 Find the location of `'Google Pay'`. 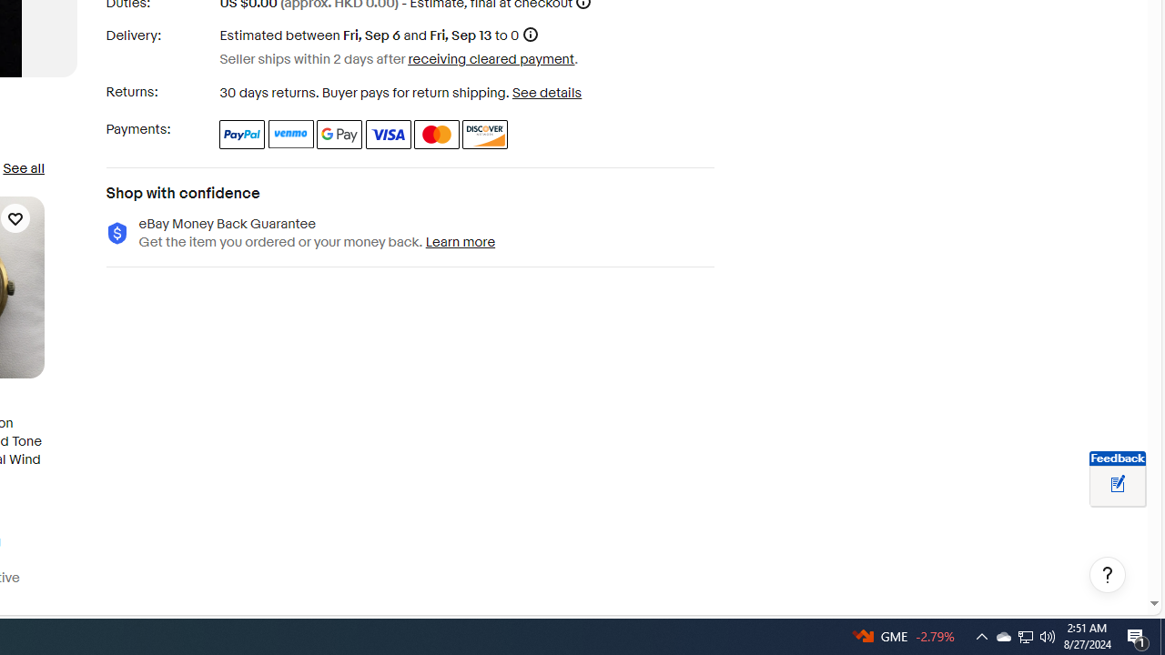

'Google Pay' is located at coordinates (339, 133).